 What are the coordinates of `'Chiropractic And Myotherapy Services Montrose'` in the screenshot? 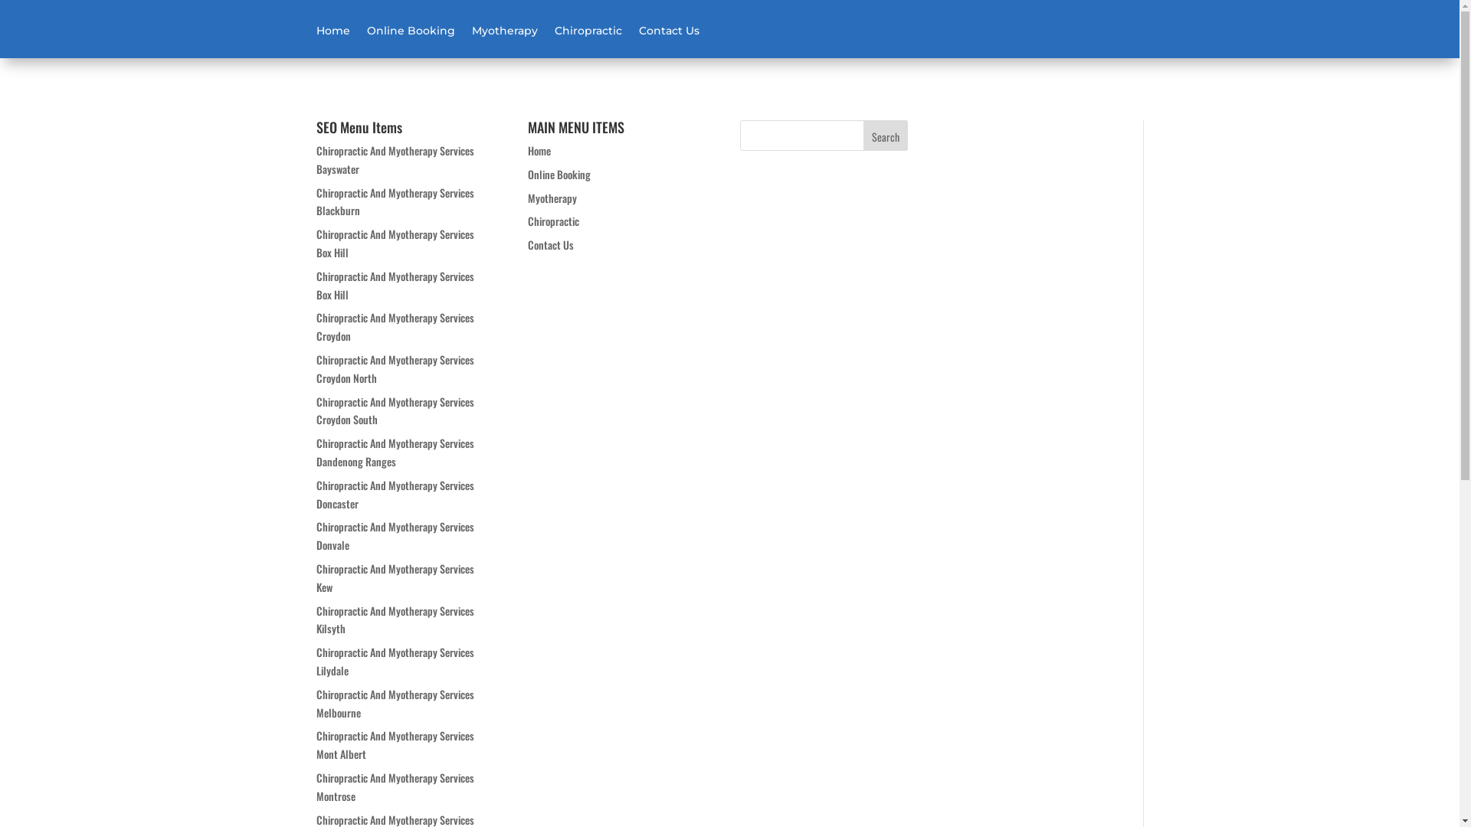 It's located at (394, 786).